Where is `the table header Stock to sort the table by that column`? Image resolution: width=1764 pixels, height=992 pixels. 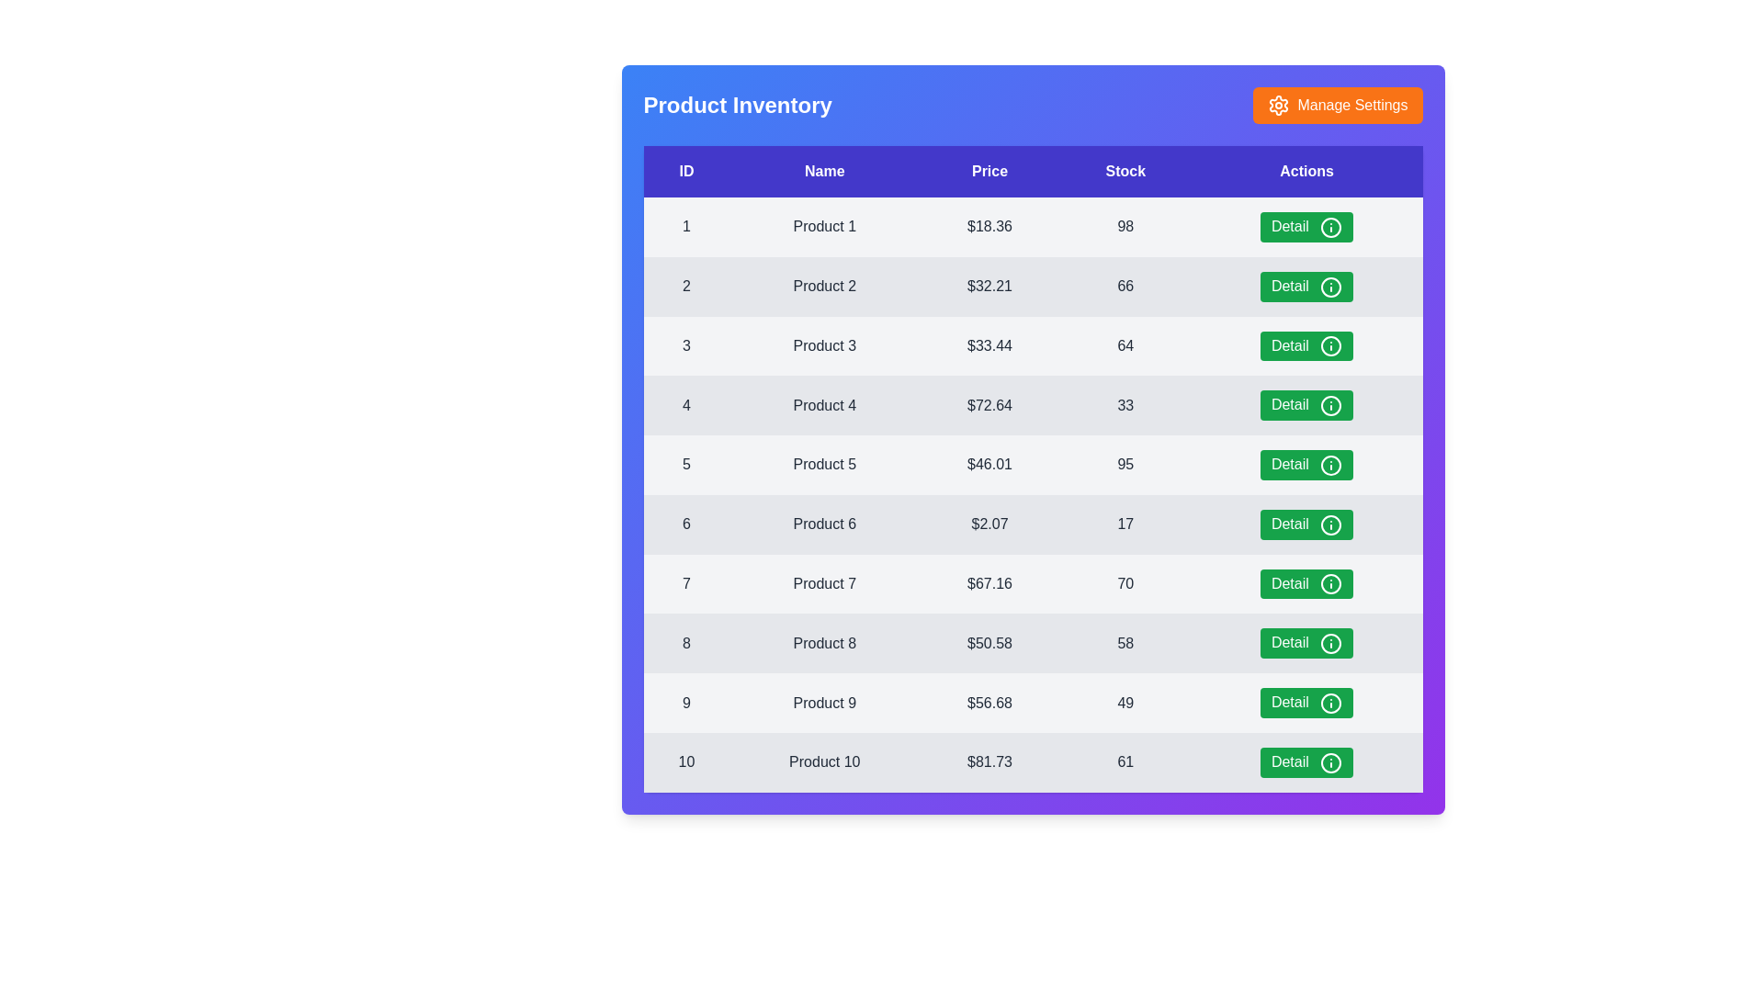 the table header Stock to sort the table by that column is located at coordinates (1125, 171).